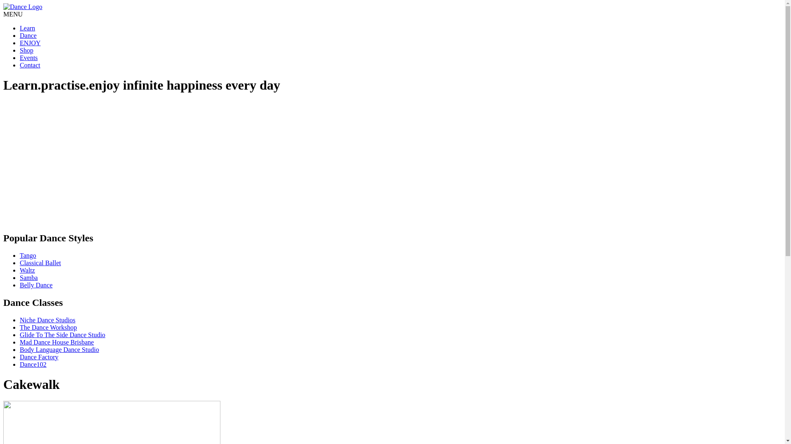 This screenshot has width=791, height=444. Describe the element at coordinates (20, 364) in the screenshot. I see `'Dance102'` at that location.